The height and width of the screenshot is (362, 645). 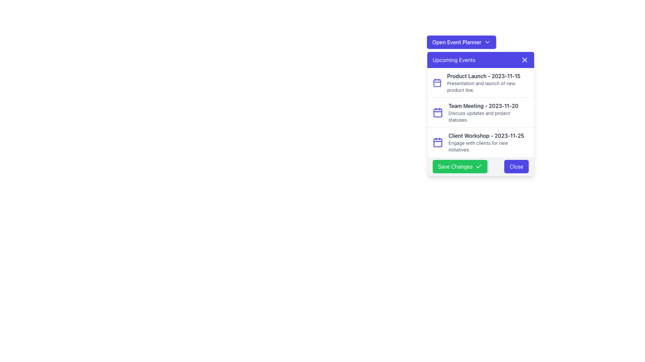 I want to click on 'Save Changes' button located at the bottom of the 'Upcoming Events' modal for debugging purposes, so click(x=480, y=166).